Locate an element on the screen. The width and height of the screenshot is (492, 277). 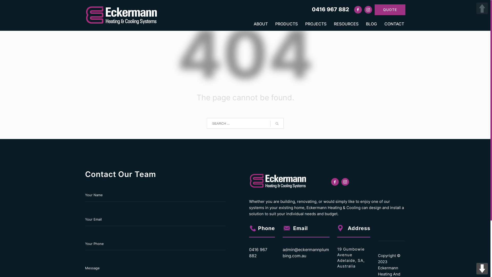
'UP' is located at coordinates (482, 8).